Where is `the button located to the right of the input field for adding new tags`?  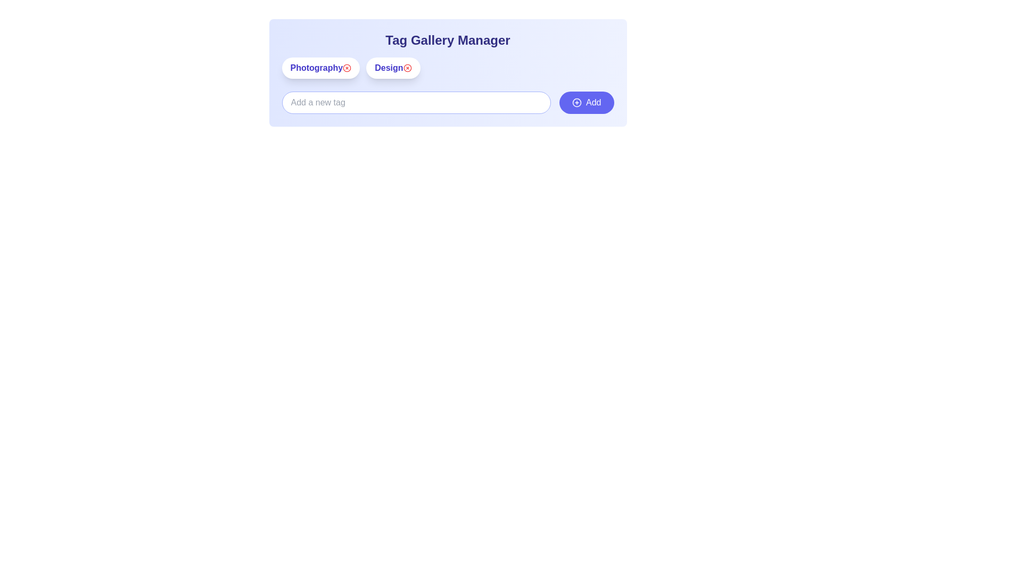 the button located to the right of the input field for adding new tags is located at coordinates (586, 102).